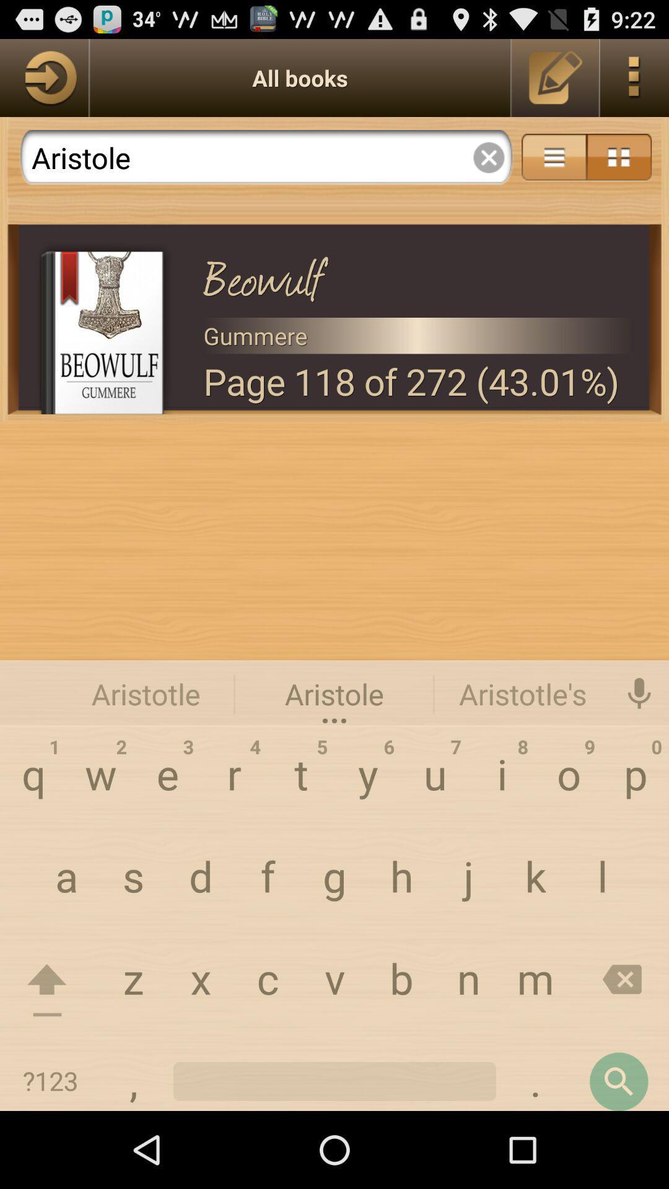  Describe the element at coordinates (43, 82) in the screenshot. I see `the arrow_forward icon` at that location.